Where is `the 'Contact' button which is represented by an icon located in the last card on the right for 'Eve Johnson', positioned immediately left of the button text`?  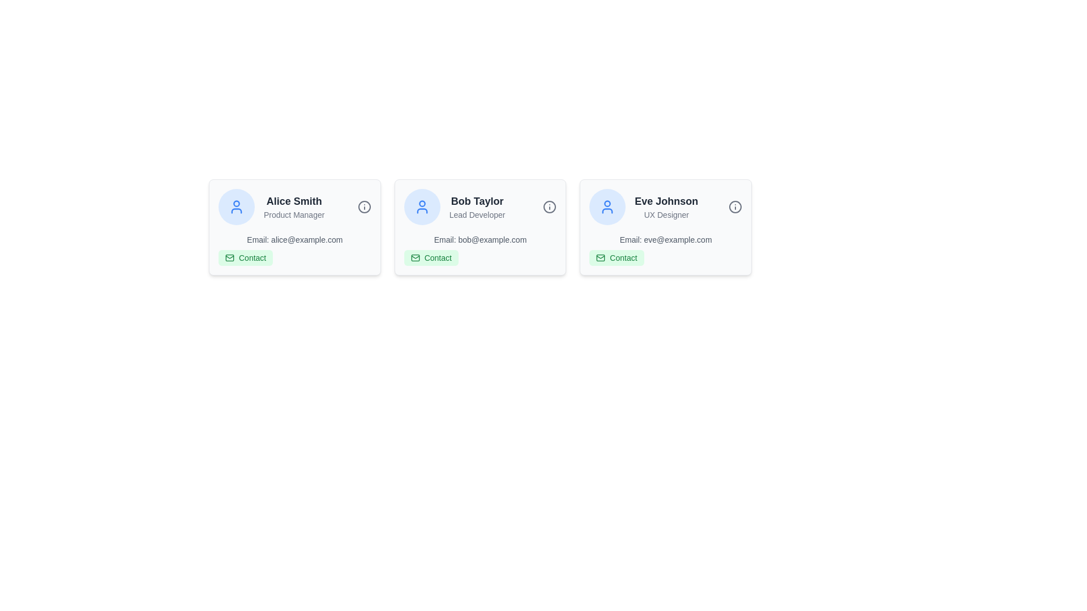
the 'Contact' button which is represented by an icon located in the last card on the right for 'Eve Johnson', positioned immediately left of the button text is located at coordinates (600, 257).